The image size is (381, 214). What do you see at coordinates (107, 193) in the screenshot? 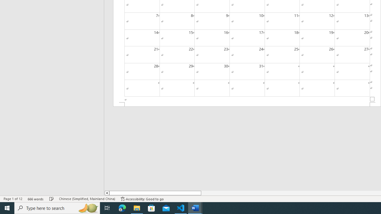
I see `'Column left'` at bounding box center [107, 193].